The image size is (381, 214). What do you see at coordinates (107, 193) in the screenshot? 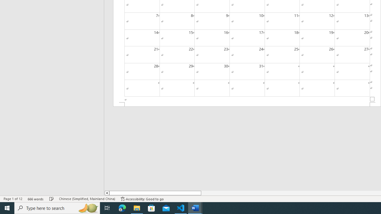
I see `'Column left'` at bounding box center [107, 193].